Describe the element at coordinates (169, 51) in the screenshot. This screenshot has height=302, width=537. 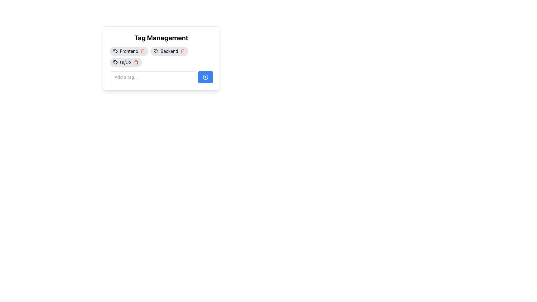
I see `the 'Backend' text label, which is the second tag in the 'Tag Management' section` at that location.